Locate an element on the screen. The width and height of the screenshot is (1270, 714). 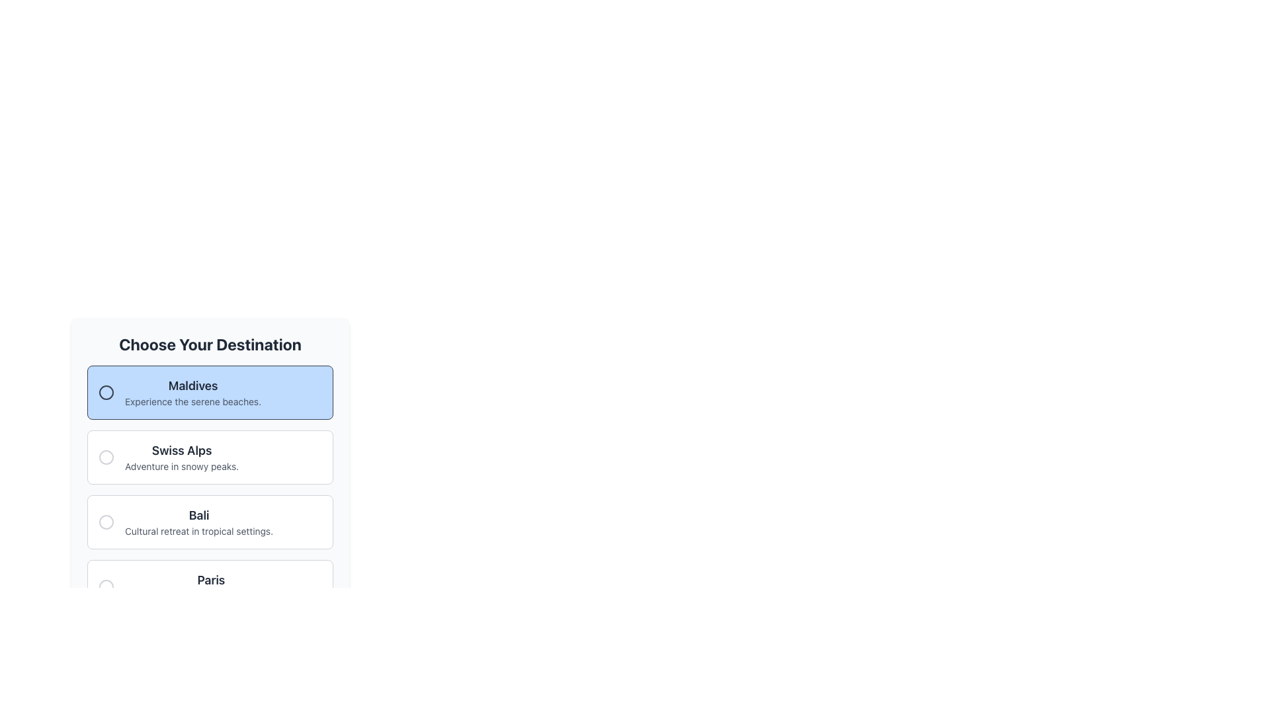
the unselected radio button next to the option 'Bali: Cultural retreat in tropical settings' is located at coordinates (106, 522).